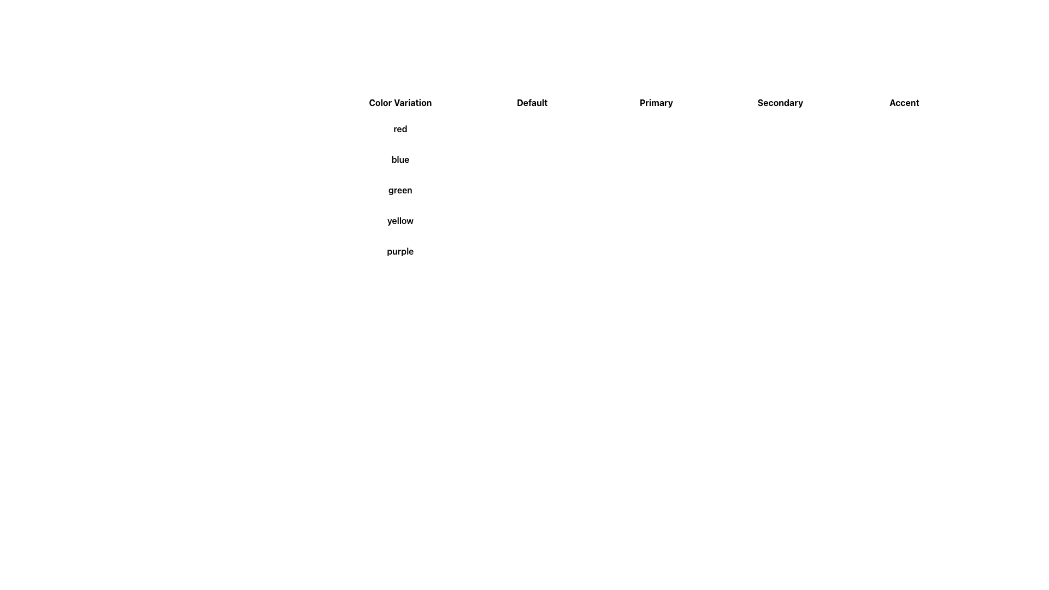 The height and width of the screenshot is (590, 1049). I want to click on the text label that displays the word 'blue' in a medium-sized bold sans-serif font, located in the second row of the 'Color Variation' category, directly below 'red', so click(532, 160).